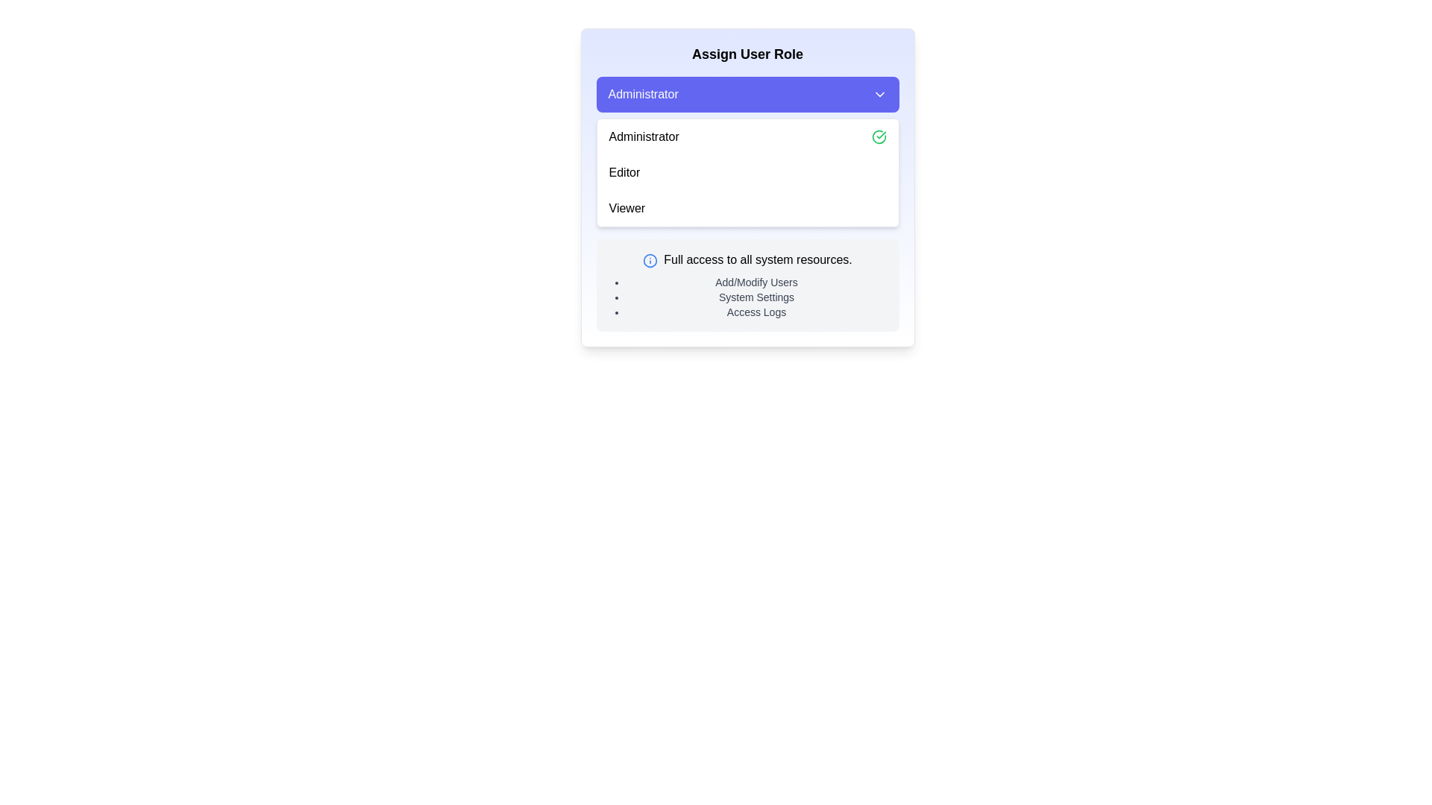  Describe the element at coordinates (879, 95) in the screenshot. I see `the downward chevron icon located at the top-right corner of the 'Administrator' box` at that location.